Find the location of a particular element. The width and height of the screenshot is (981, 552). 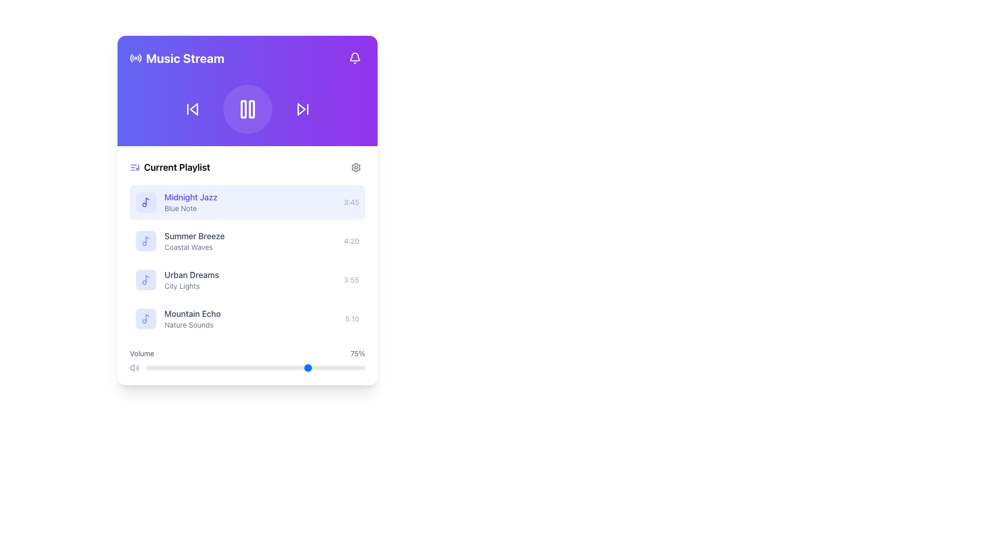

the radio or live stream icon located at the top-left corner of the purple header section, to the left of the 'Music Stream' label is located at coordinates (135, 58).